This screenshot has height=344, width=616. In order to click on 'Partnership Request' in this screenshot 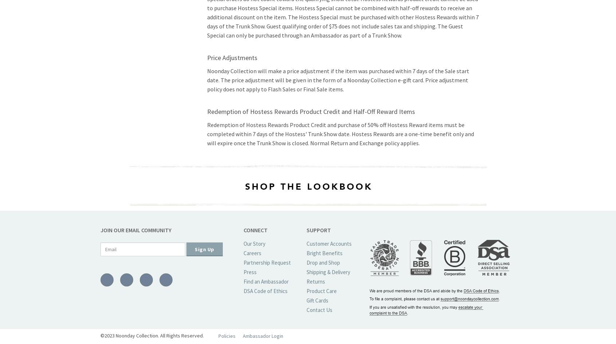, I will do `click(266, 262)`.